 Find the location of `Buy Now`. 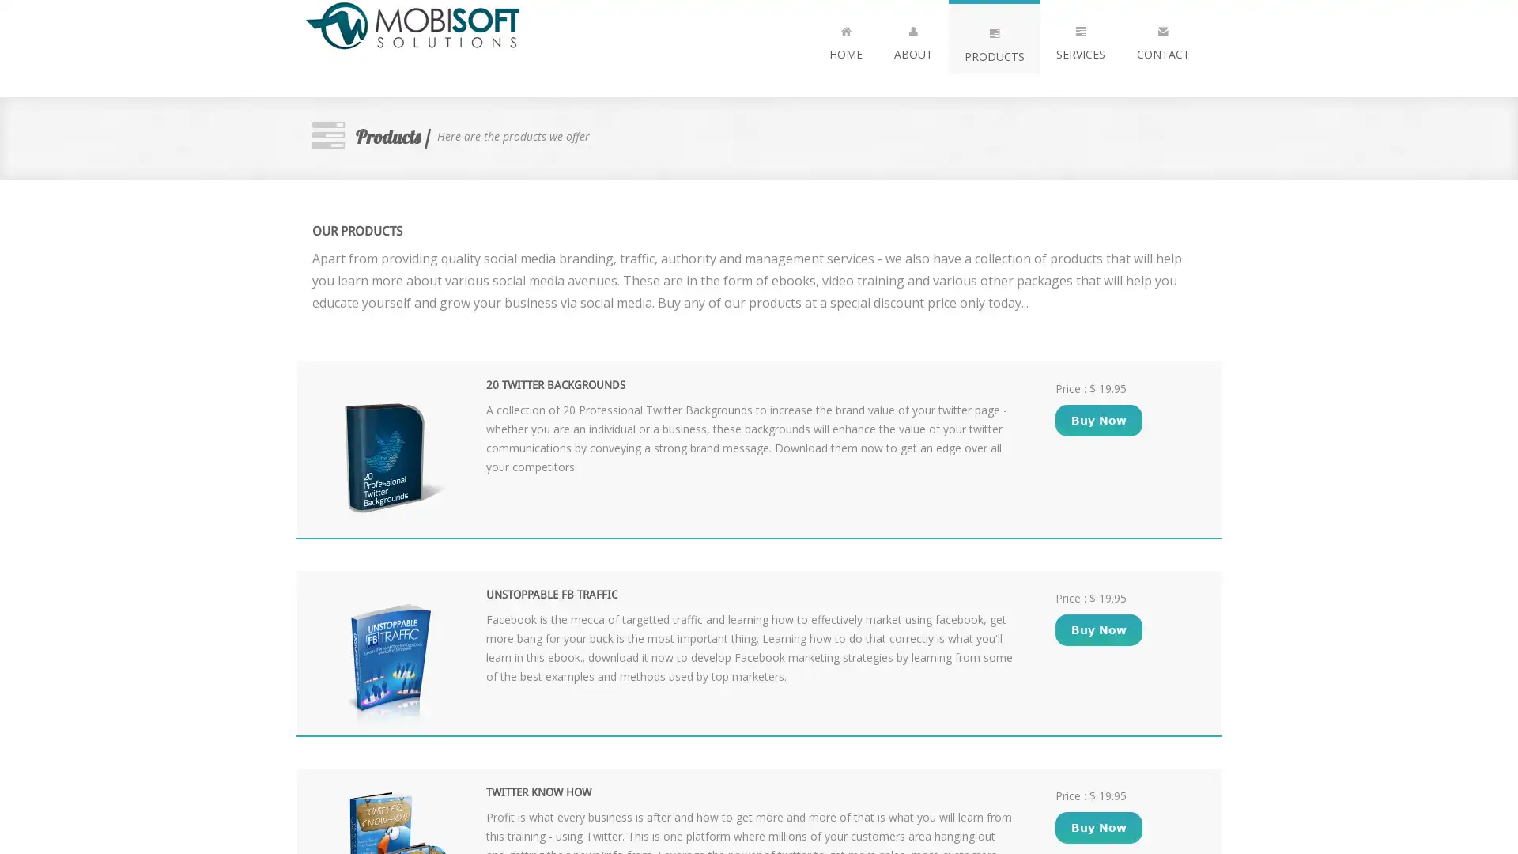

Buy Now is located at coordinates (1098, 628).